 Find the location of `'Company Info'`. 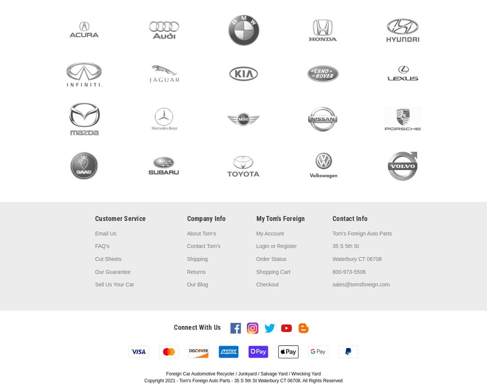

'Company Info' is located at coordinates (206, 218).